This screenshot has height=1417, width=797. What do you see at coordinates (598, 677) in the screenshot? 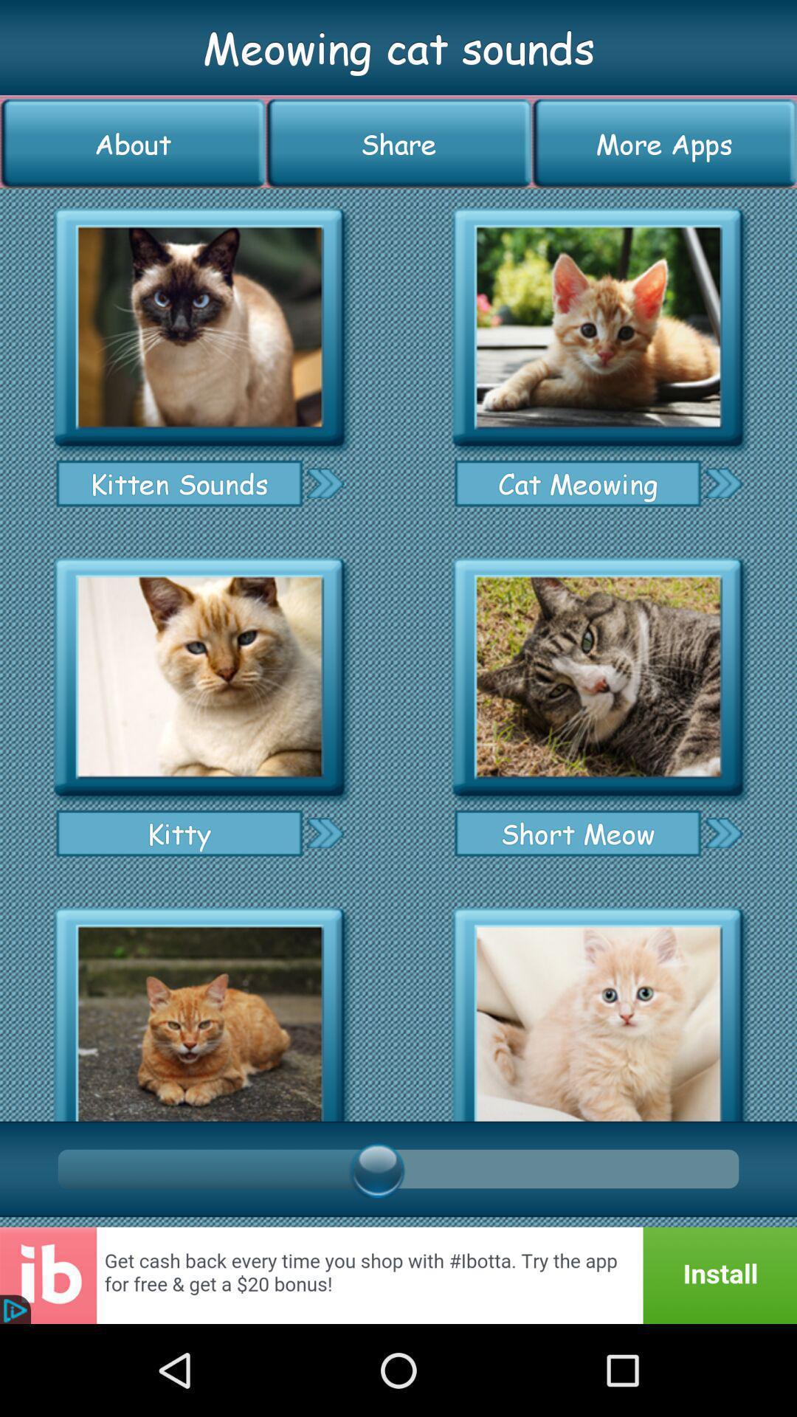
I see `short meow sound` at bounding box center [598, 677].